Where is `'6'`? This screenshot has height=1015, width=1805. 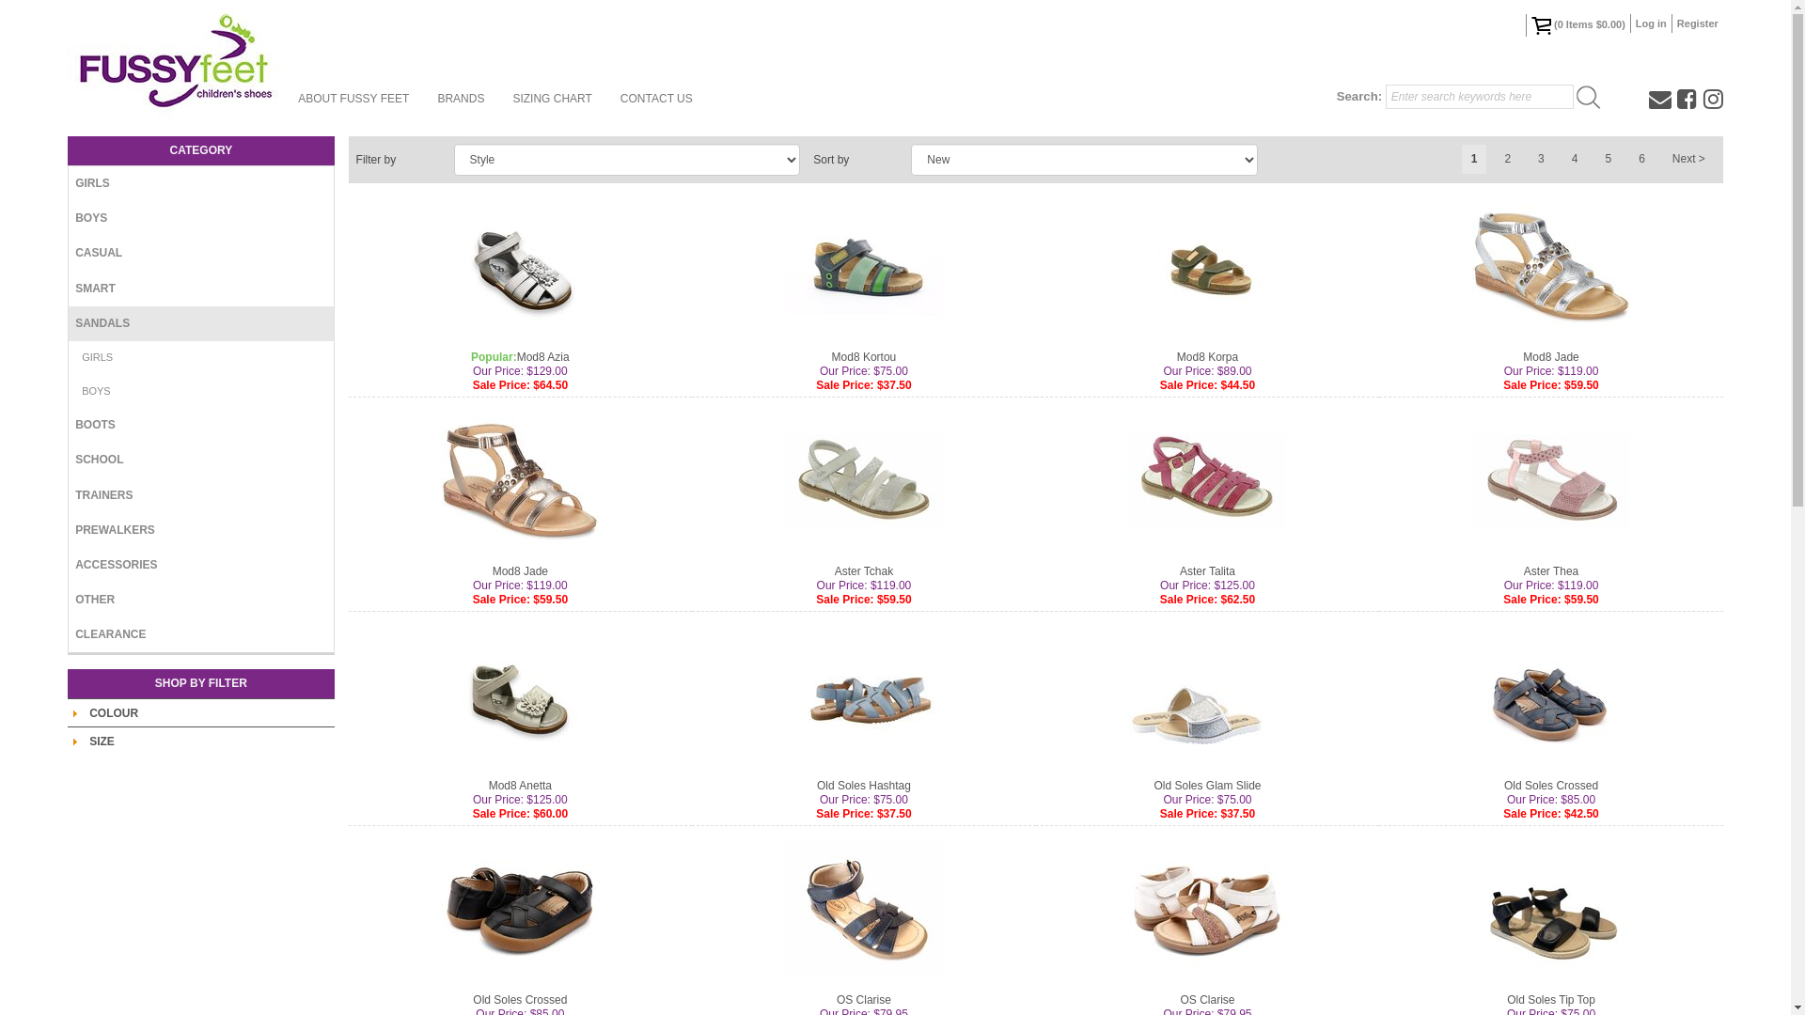 '6' is located at coordinates (1640, 158).